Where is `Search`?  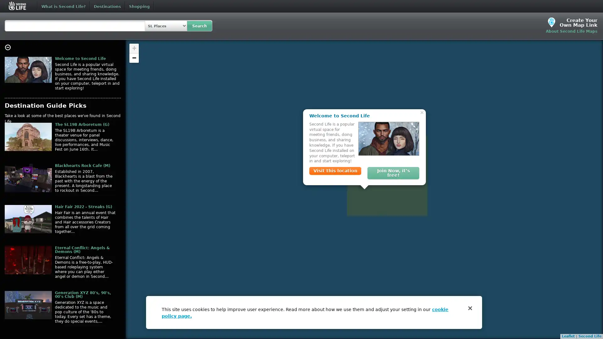
Search is located at coordinates (199, 26).